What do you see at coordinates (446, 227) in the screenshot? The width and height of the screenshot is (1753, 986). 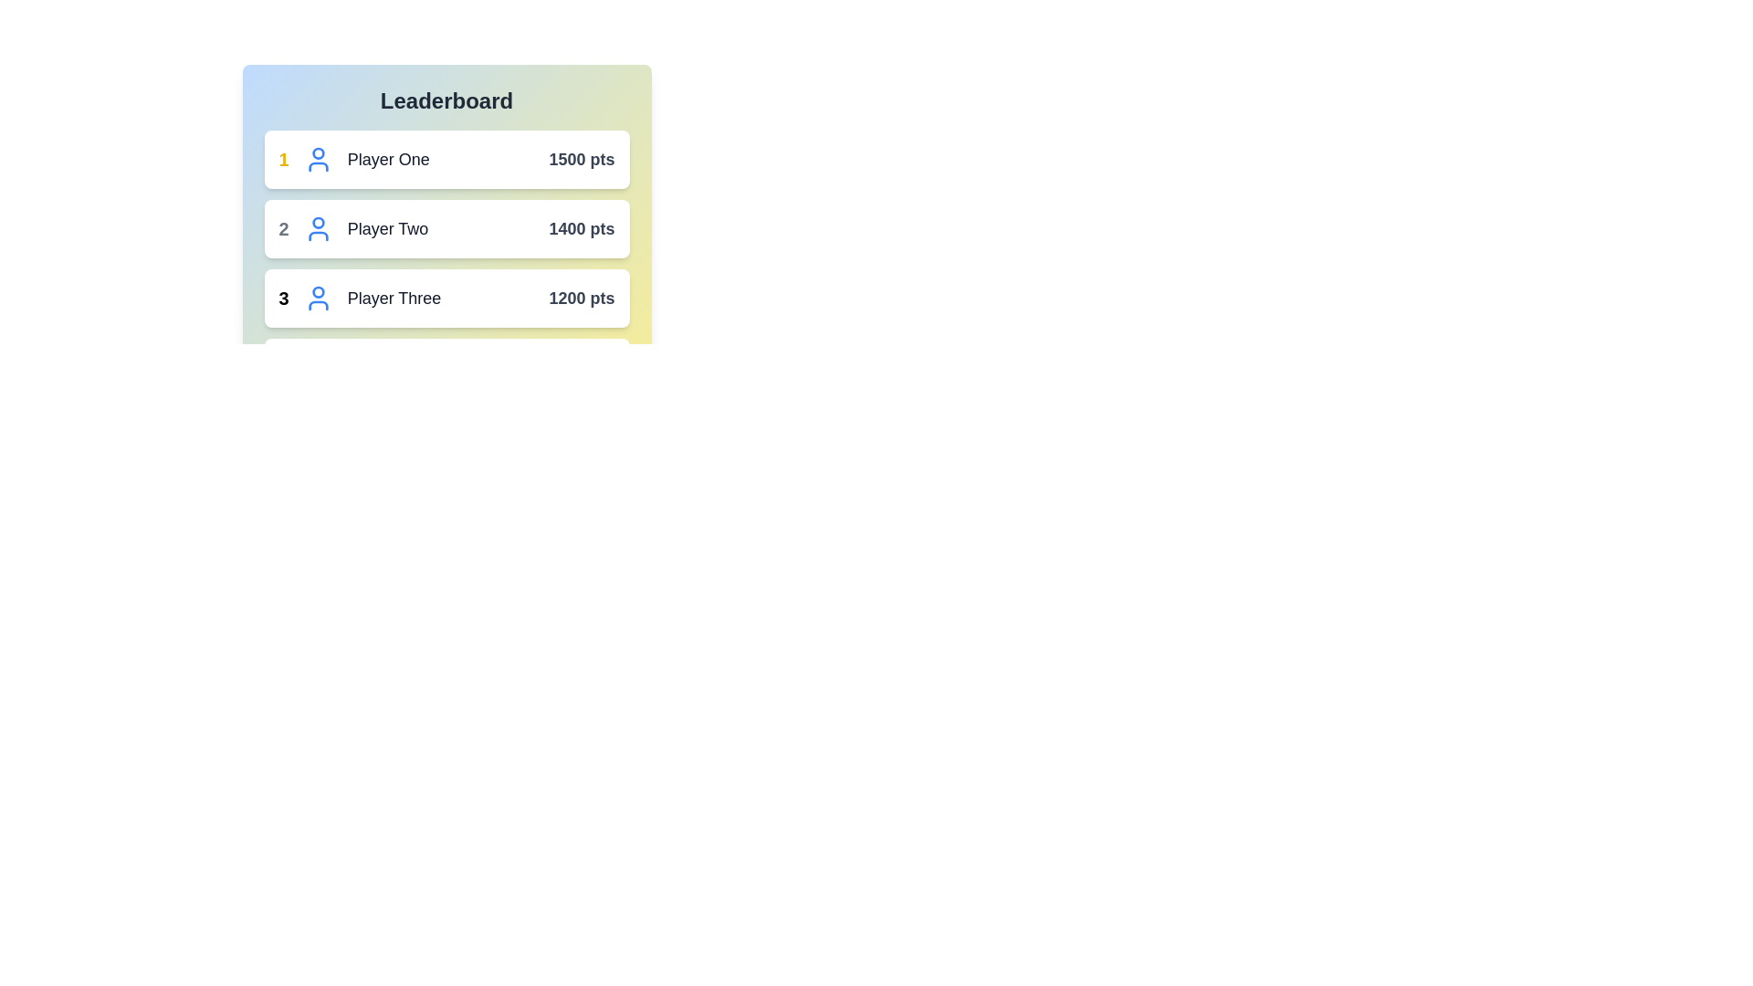 I see `the player entry for Player Two to highlight it` at bounding box center [446, 227].